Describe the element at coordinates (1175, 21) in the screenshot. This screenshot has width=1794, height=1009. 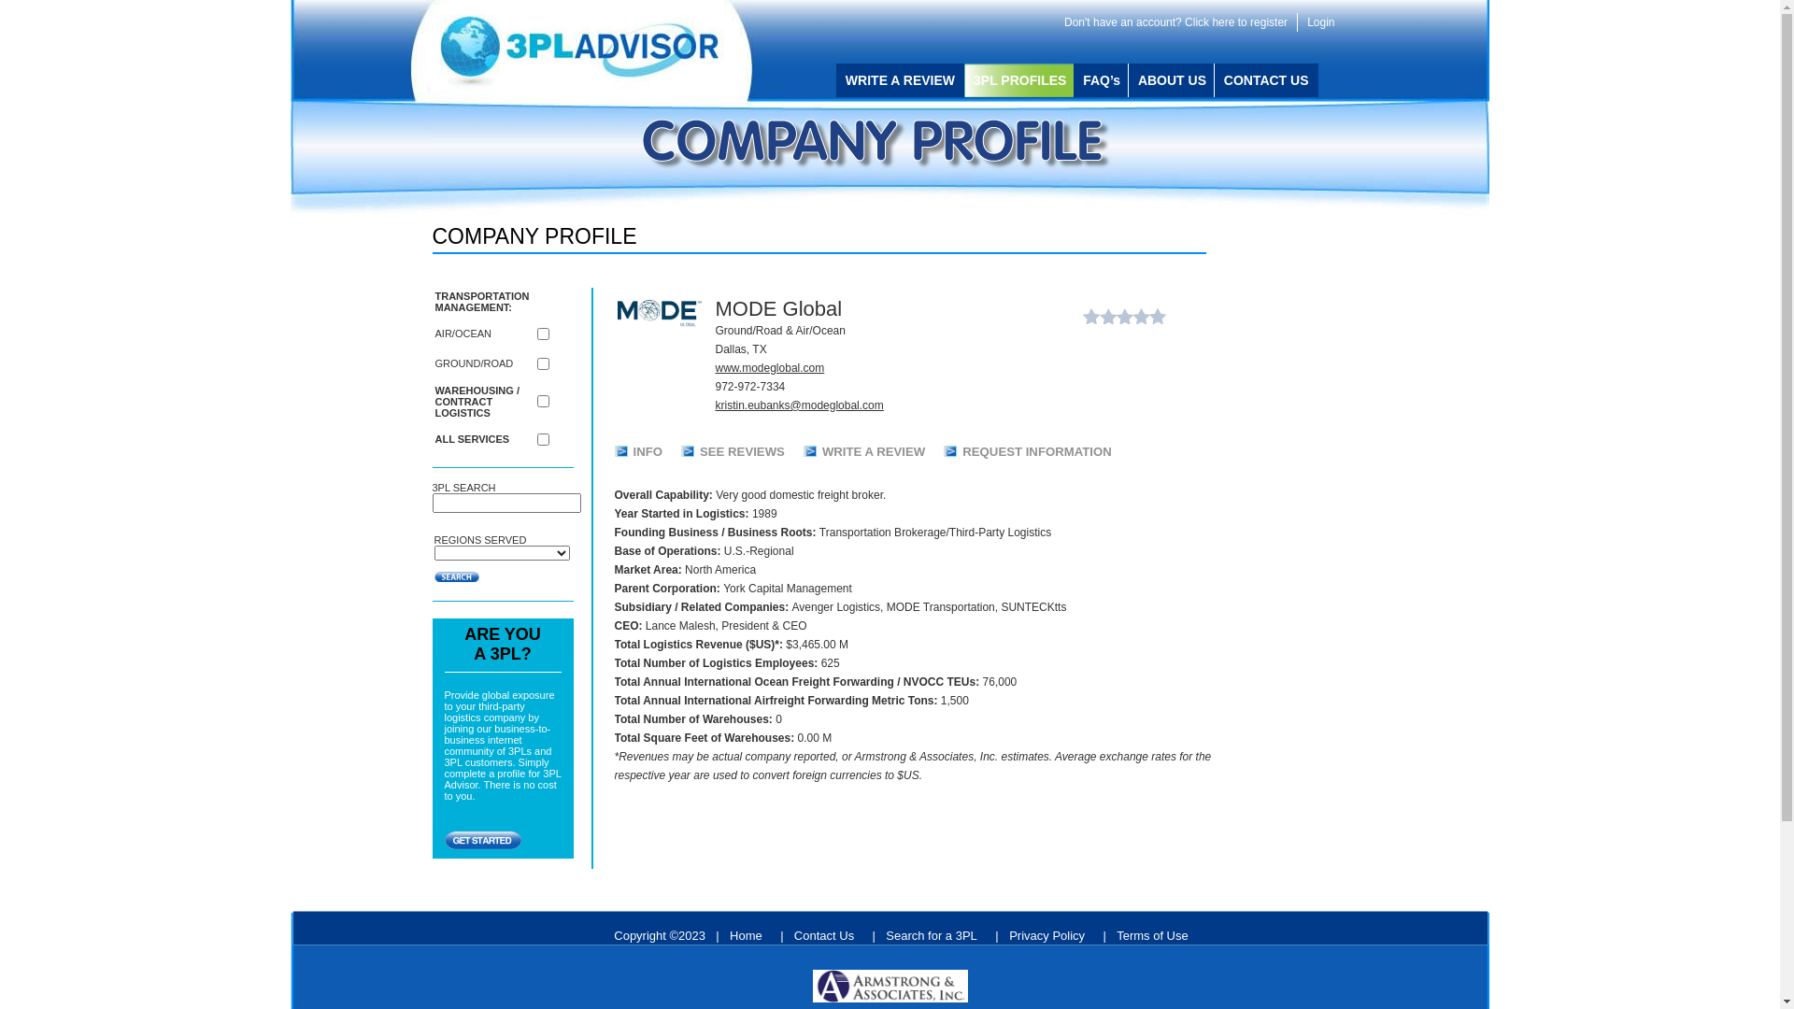
I see `'Don't have an account? Click here to register'` at that location.